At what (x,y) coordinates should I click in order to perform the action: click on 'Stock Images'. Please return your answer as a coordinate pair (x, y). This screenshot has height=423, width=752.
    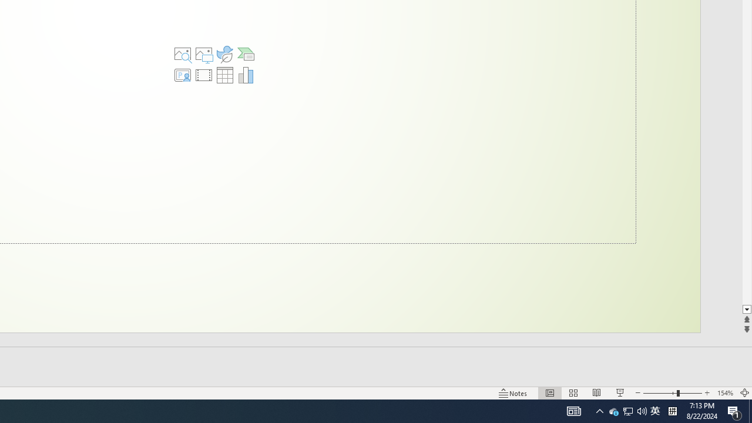
    Looking at the image, I should click on (182, 54).